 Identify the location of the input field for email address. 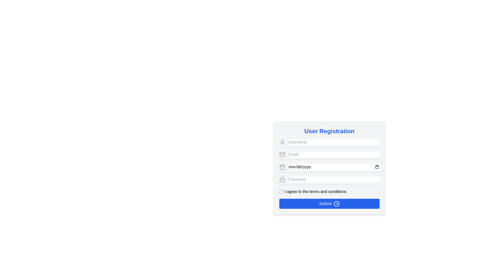
(329, 155).